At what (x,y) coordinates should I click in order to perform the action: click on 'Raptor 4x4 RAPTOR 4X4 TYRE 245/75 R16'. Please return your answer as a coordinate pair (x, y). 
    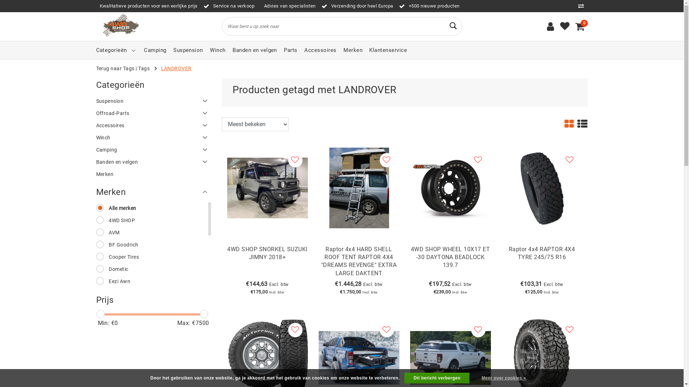
    Looking at the image, I should click on (542, 262).